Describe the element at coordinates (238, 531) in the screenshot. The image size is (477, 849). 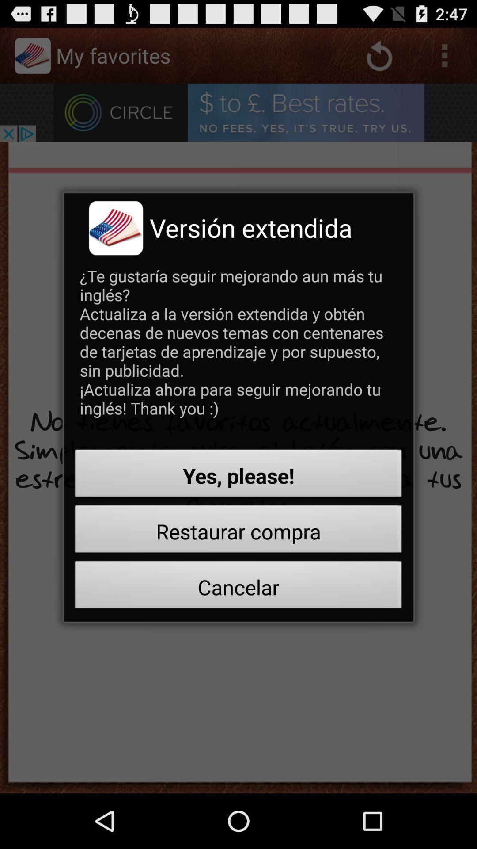
I see `item below yes, please!` at that location.